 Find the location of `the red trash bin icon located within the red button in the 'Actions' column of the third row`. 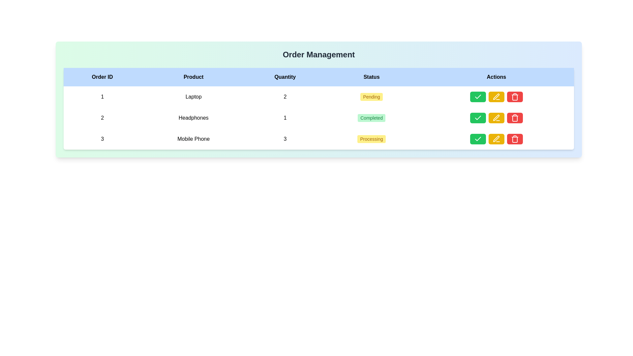

the red trash bin icon located within the red button in the 'Actions' column of the third row is located at coordinates (514, 97).